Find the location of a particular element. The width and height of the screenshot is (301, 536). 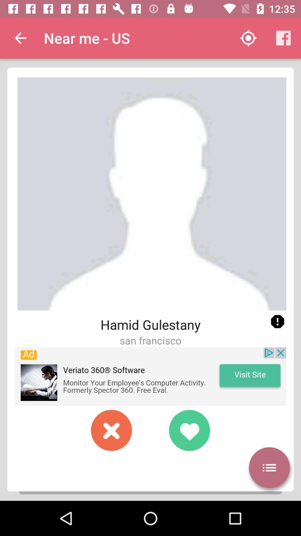

sponsored content is located at coordinates (151, 377).